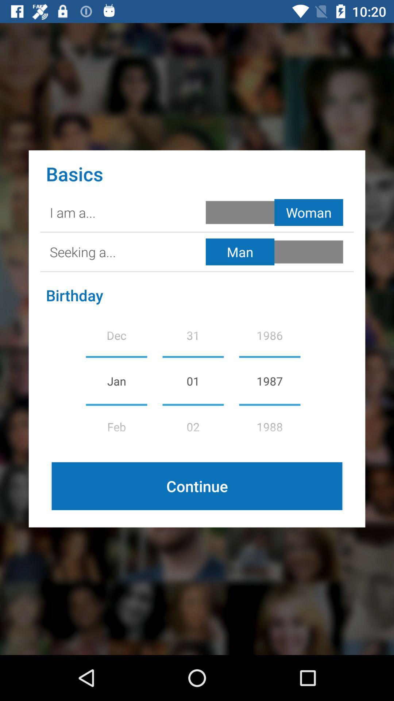 This screenshot has height=701, width=394. What do you see at coordinates (276, 212) in the screenshot?
I see `gender option` at bounding box center [276, 212].